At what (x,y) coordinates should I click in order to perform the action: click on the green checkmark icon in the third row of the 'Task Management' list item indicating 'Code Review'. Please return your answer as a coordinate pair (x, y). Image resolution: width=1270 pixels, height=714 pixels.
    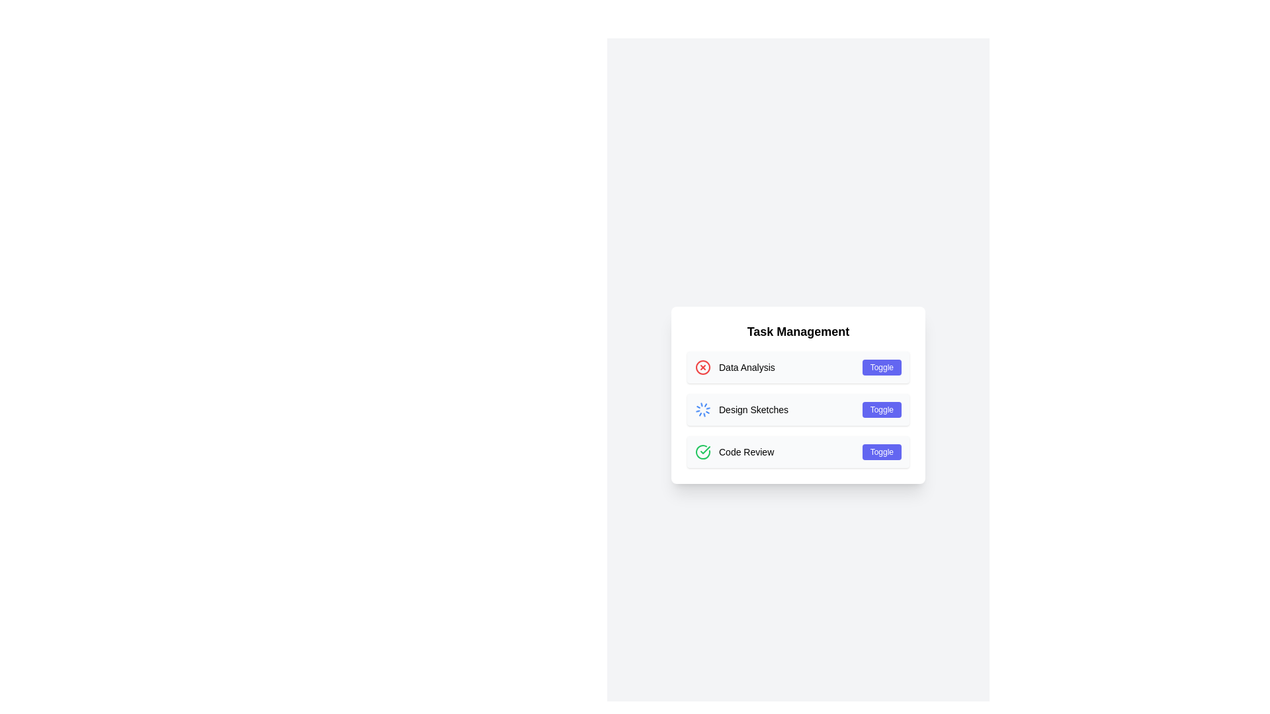
    Looking at the image, I should click on (734, 451).